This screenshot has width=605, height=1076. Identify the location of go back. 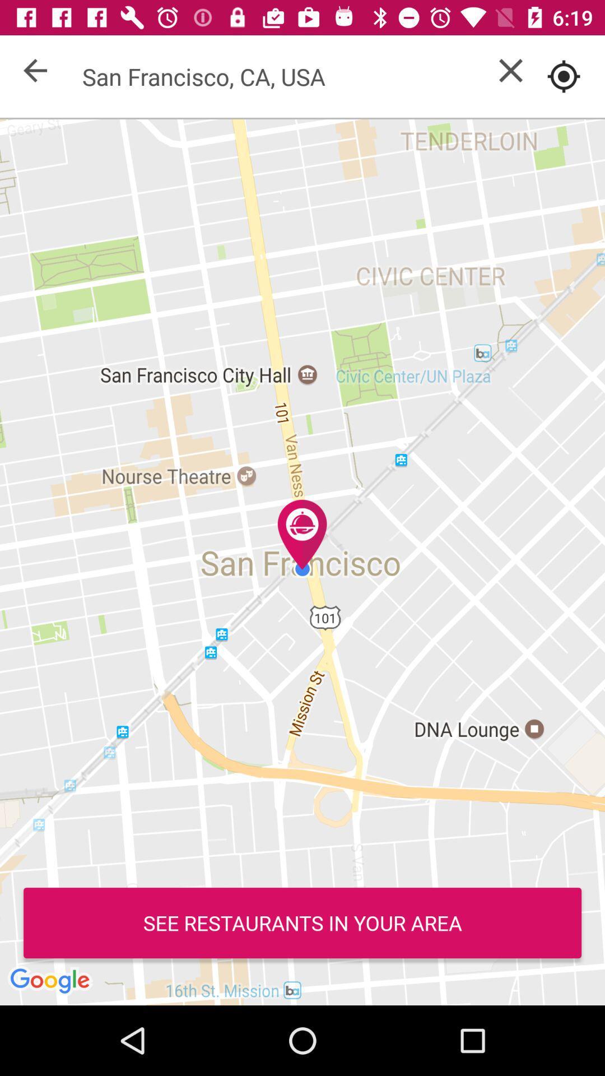
(34, 69).